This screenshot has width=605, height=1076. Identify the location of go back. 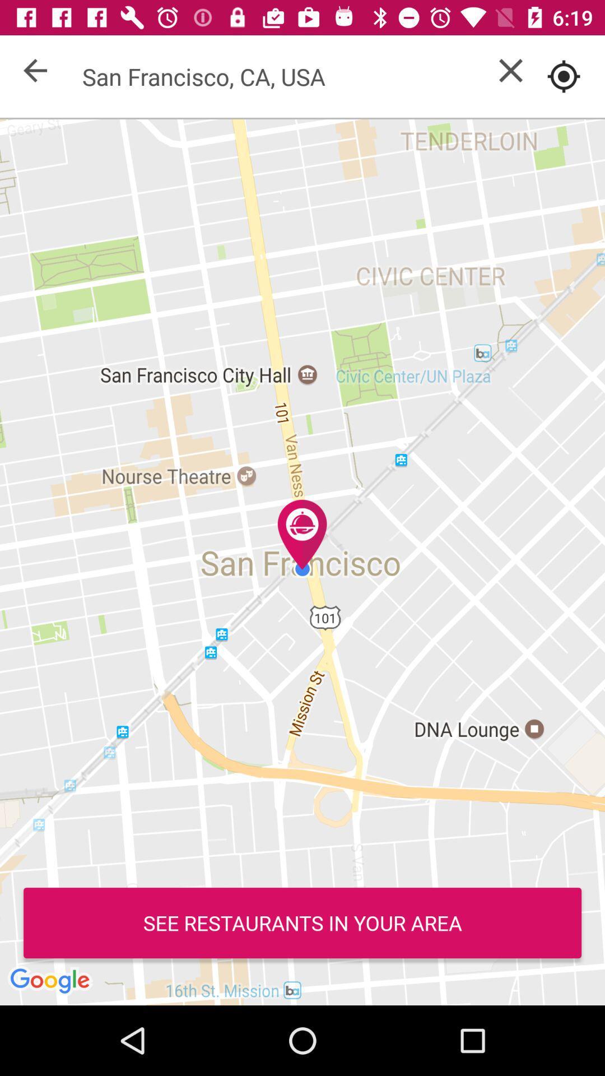
(34, 69).